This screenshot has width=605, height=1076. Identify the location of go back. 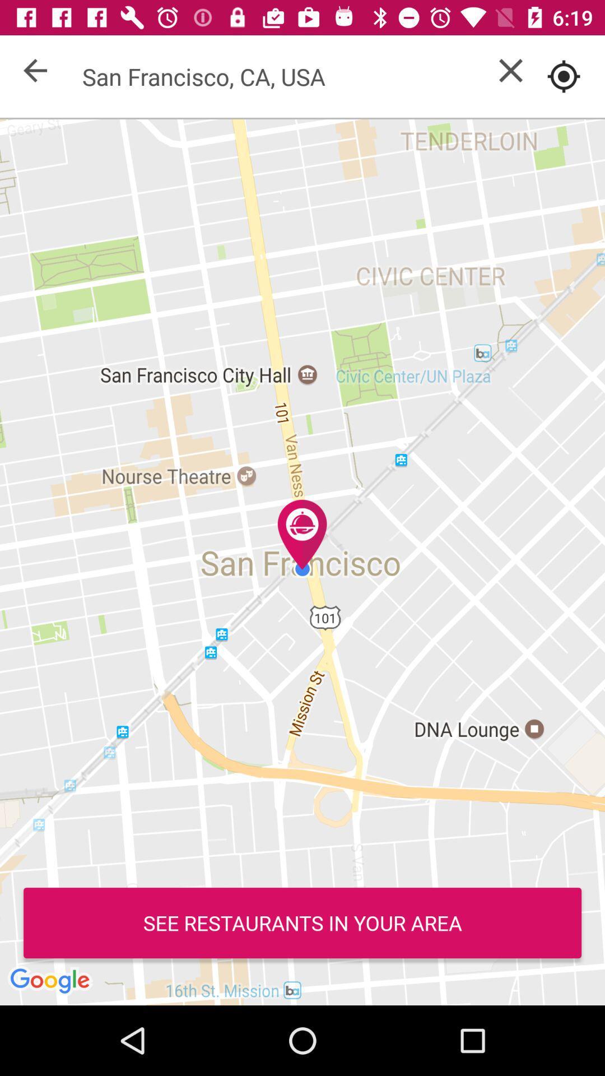
(34, 69).